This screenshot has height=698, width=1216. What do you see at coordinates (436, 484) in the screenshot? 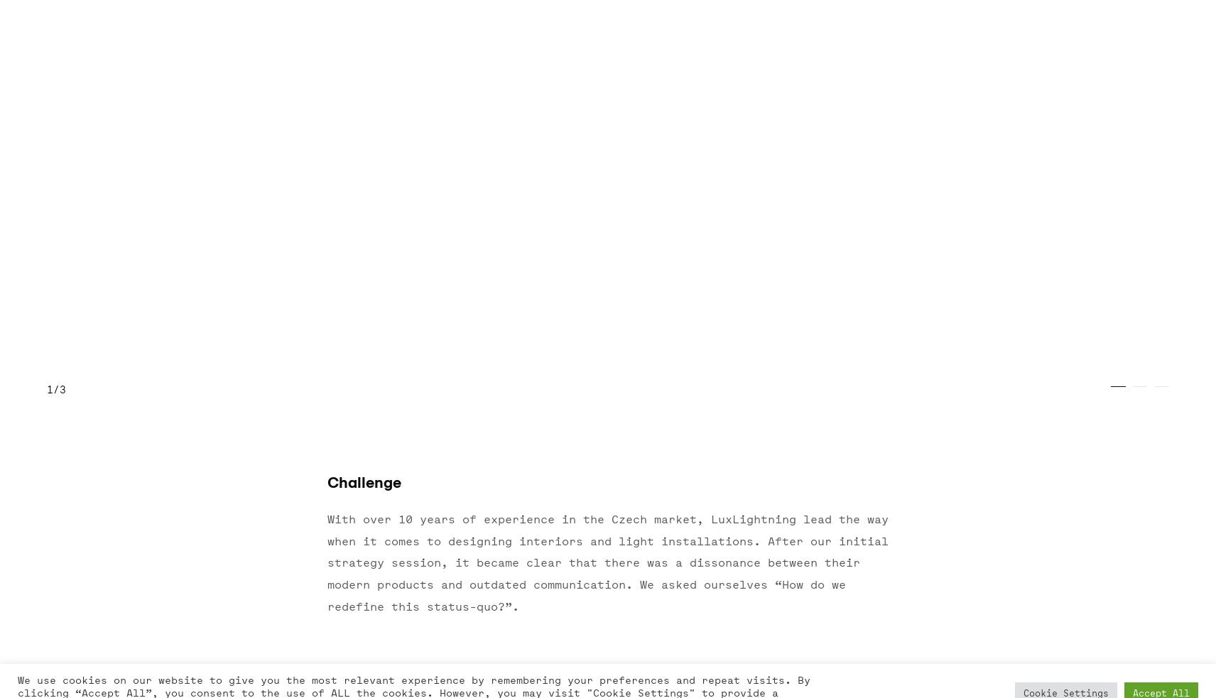
I see `'Careers'` at bounding box center [436, 484].